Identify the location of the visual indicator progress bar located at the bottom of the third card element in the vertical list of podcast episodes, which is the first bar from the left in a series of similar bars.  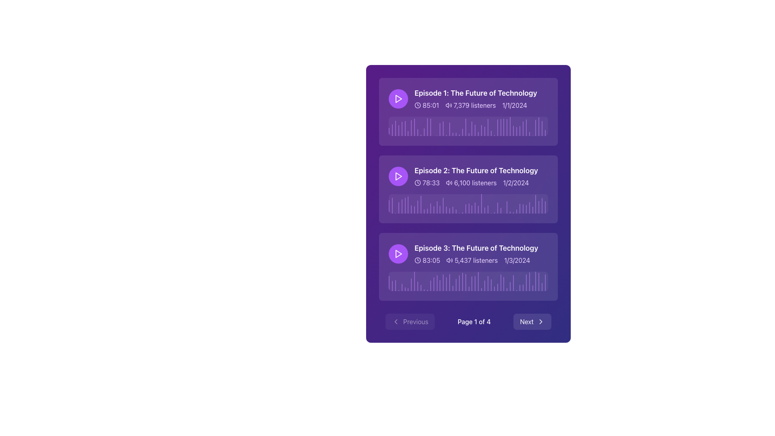
(389, 283).